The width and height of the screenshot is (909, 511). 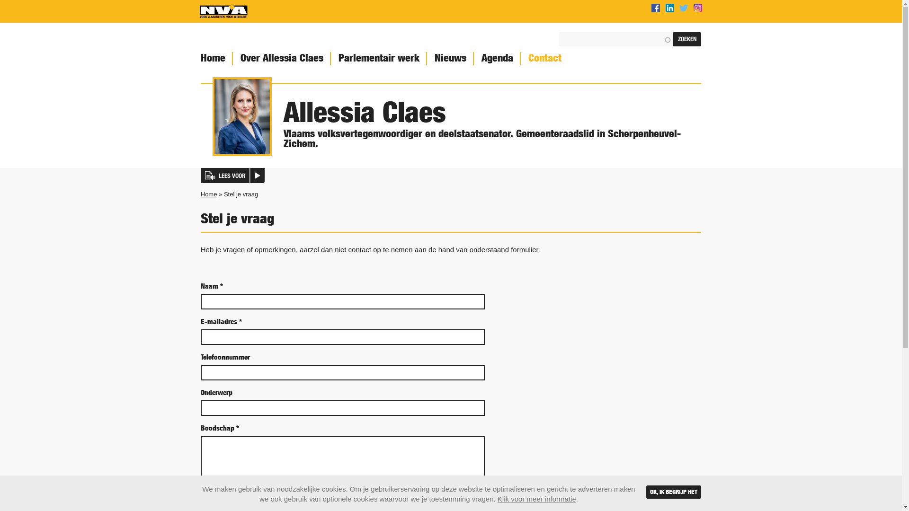 What do you see at coordinates (536, 498) in the screenshot?
I see `'Klik voor meer informatie'` at bounding box center [536, 498].